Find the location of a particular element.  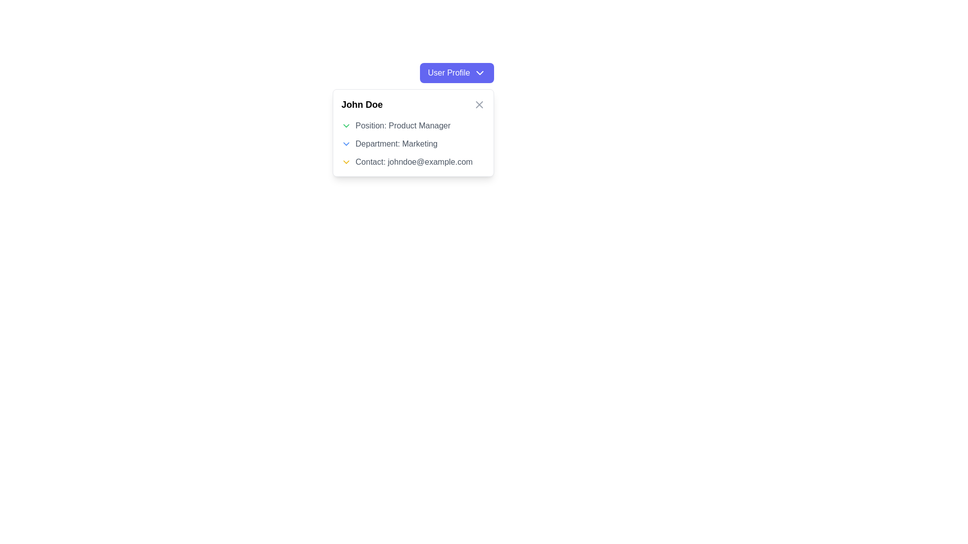

the downward-facing chevron icon with a yellow stroke next to the text 'Contact: johndoe@example.com' is located at coordinates (346, 161).